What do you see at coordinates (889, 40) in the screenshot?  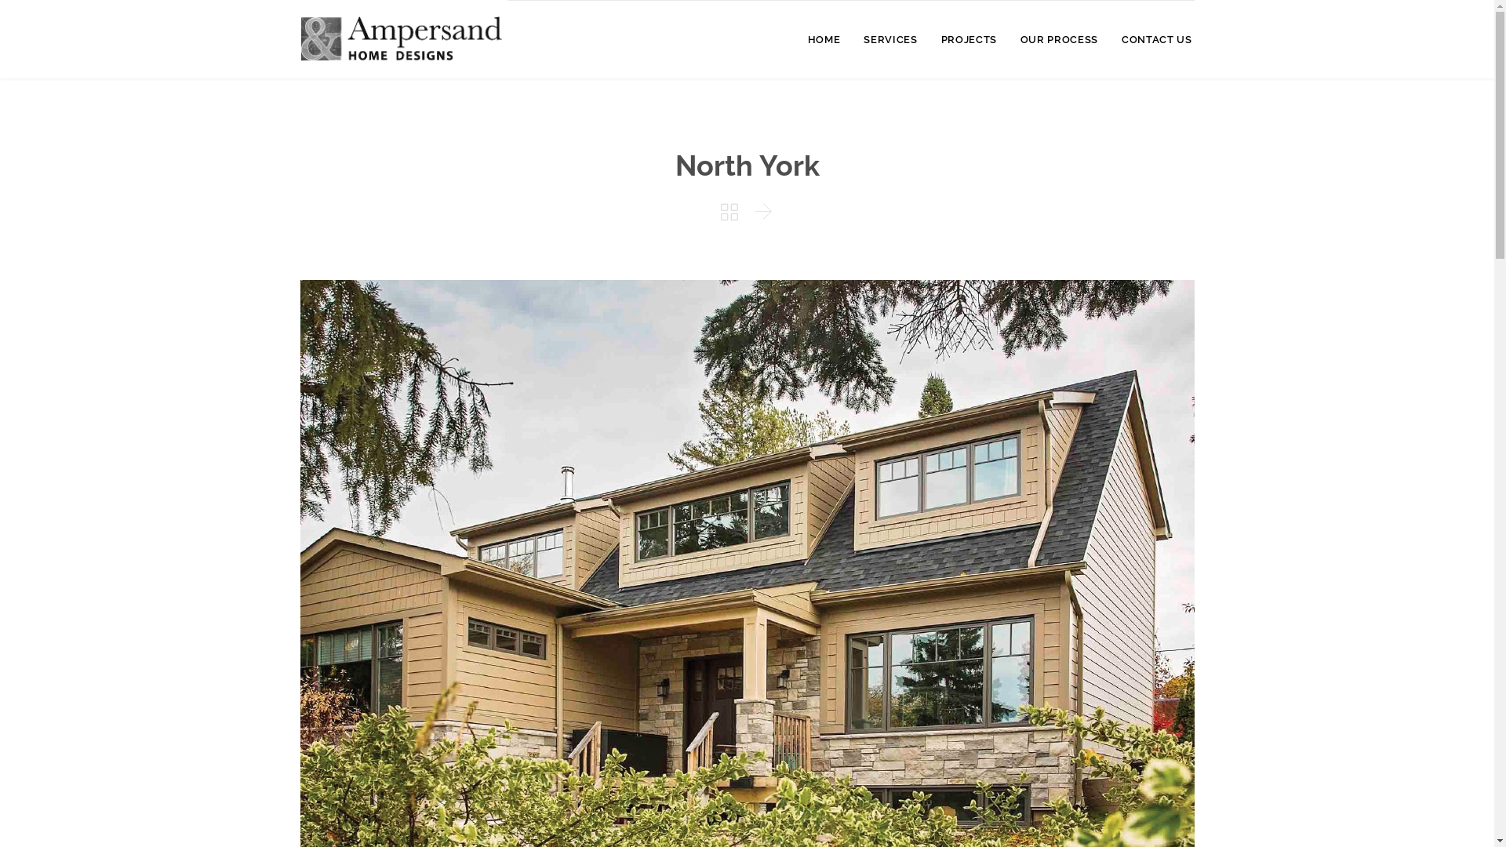 I see `'SERVICES'` at bounding box center [889, 40].